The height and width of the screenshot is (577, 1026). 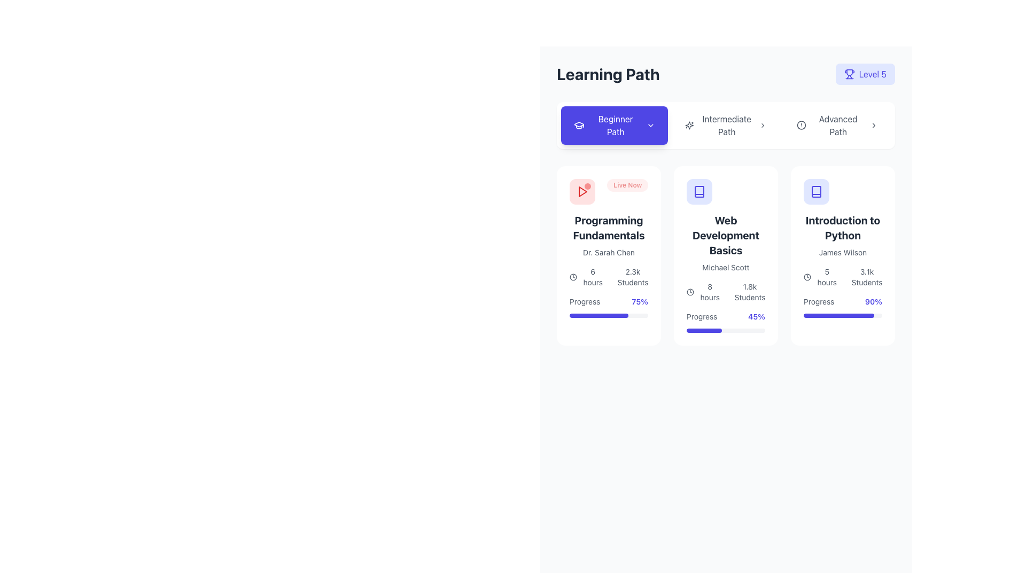 I want to click on the text label displaying 'Level 5' in blue color, which is styled in bold font and located adjacent to a trophy icon, positioned near the top-right corner of the layout, so click(x=873, y=73).